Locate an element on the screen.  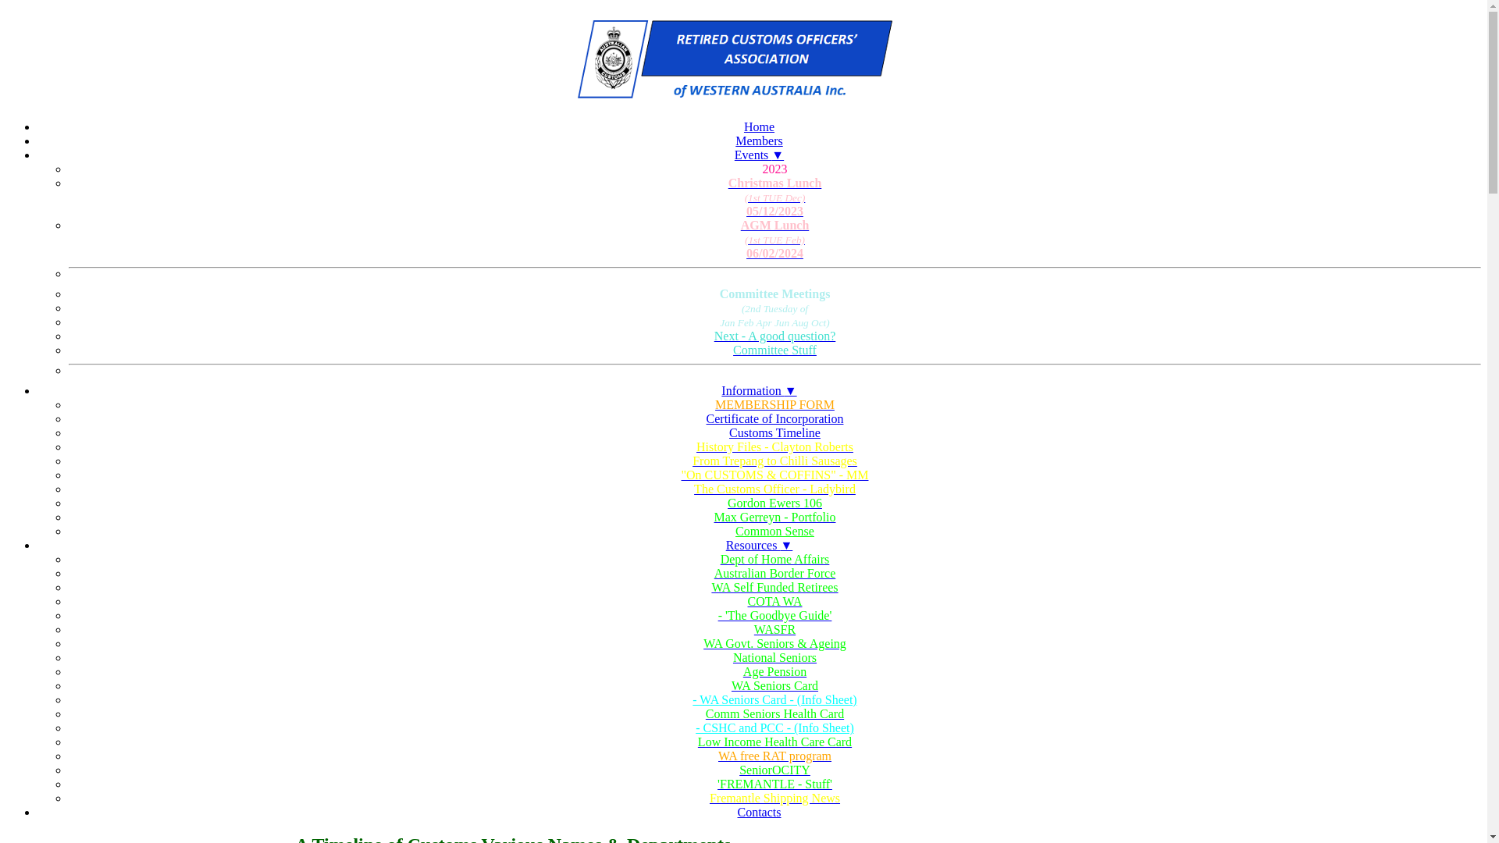
'Fremantle Shipping News' is located at coordinates (774, 798).